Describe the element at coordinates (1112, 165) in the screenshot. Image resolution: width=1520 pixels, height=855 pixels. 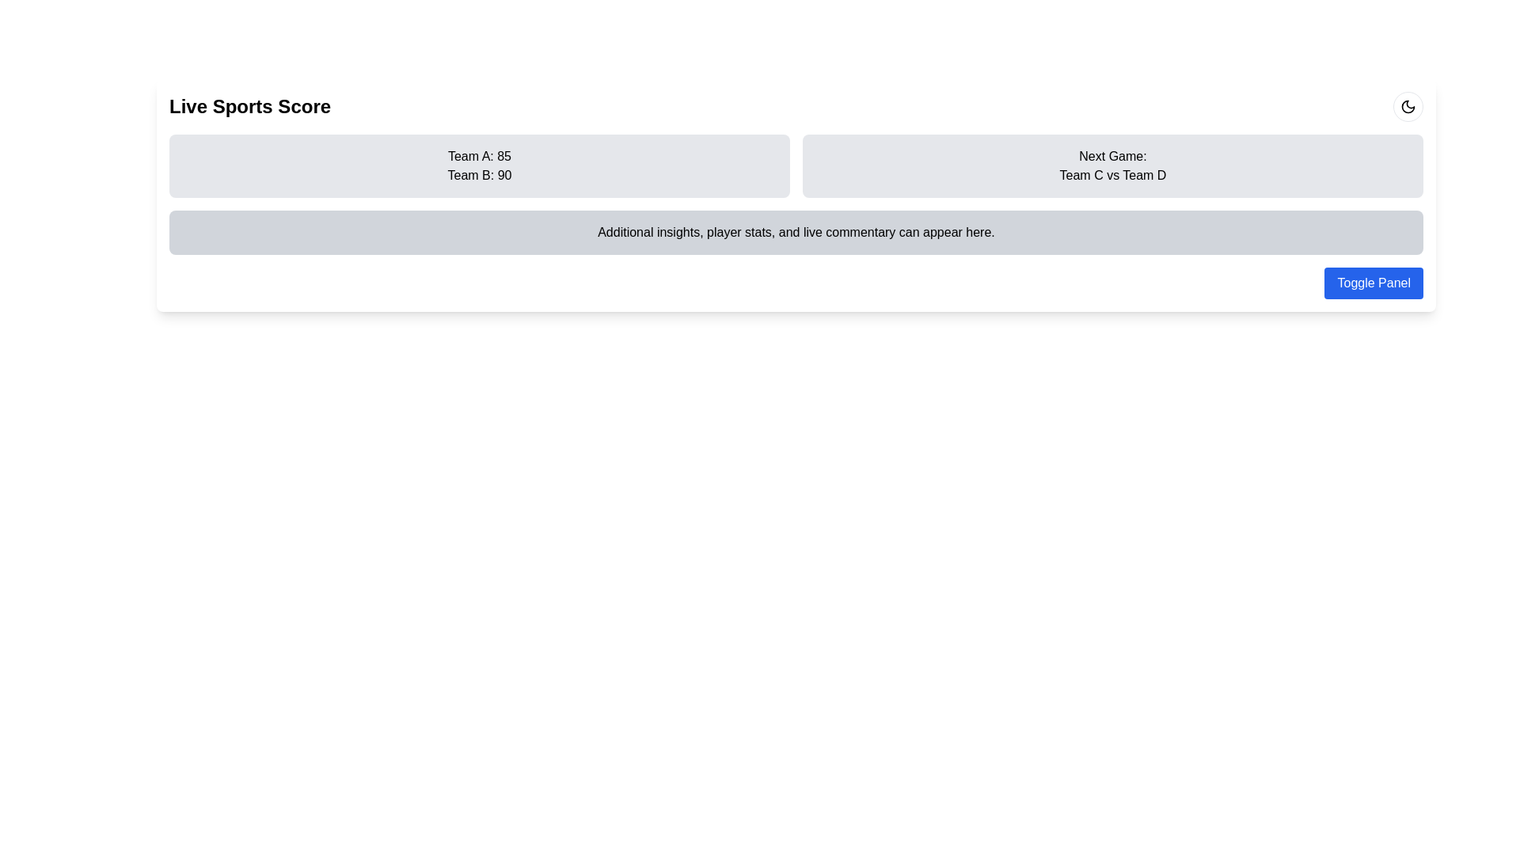
I see `the informational block displaying details about the upcoming sports game, located in the rightmost column under 'Live Sports Score.'` at that location.